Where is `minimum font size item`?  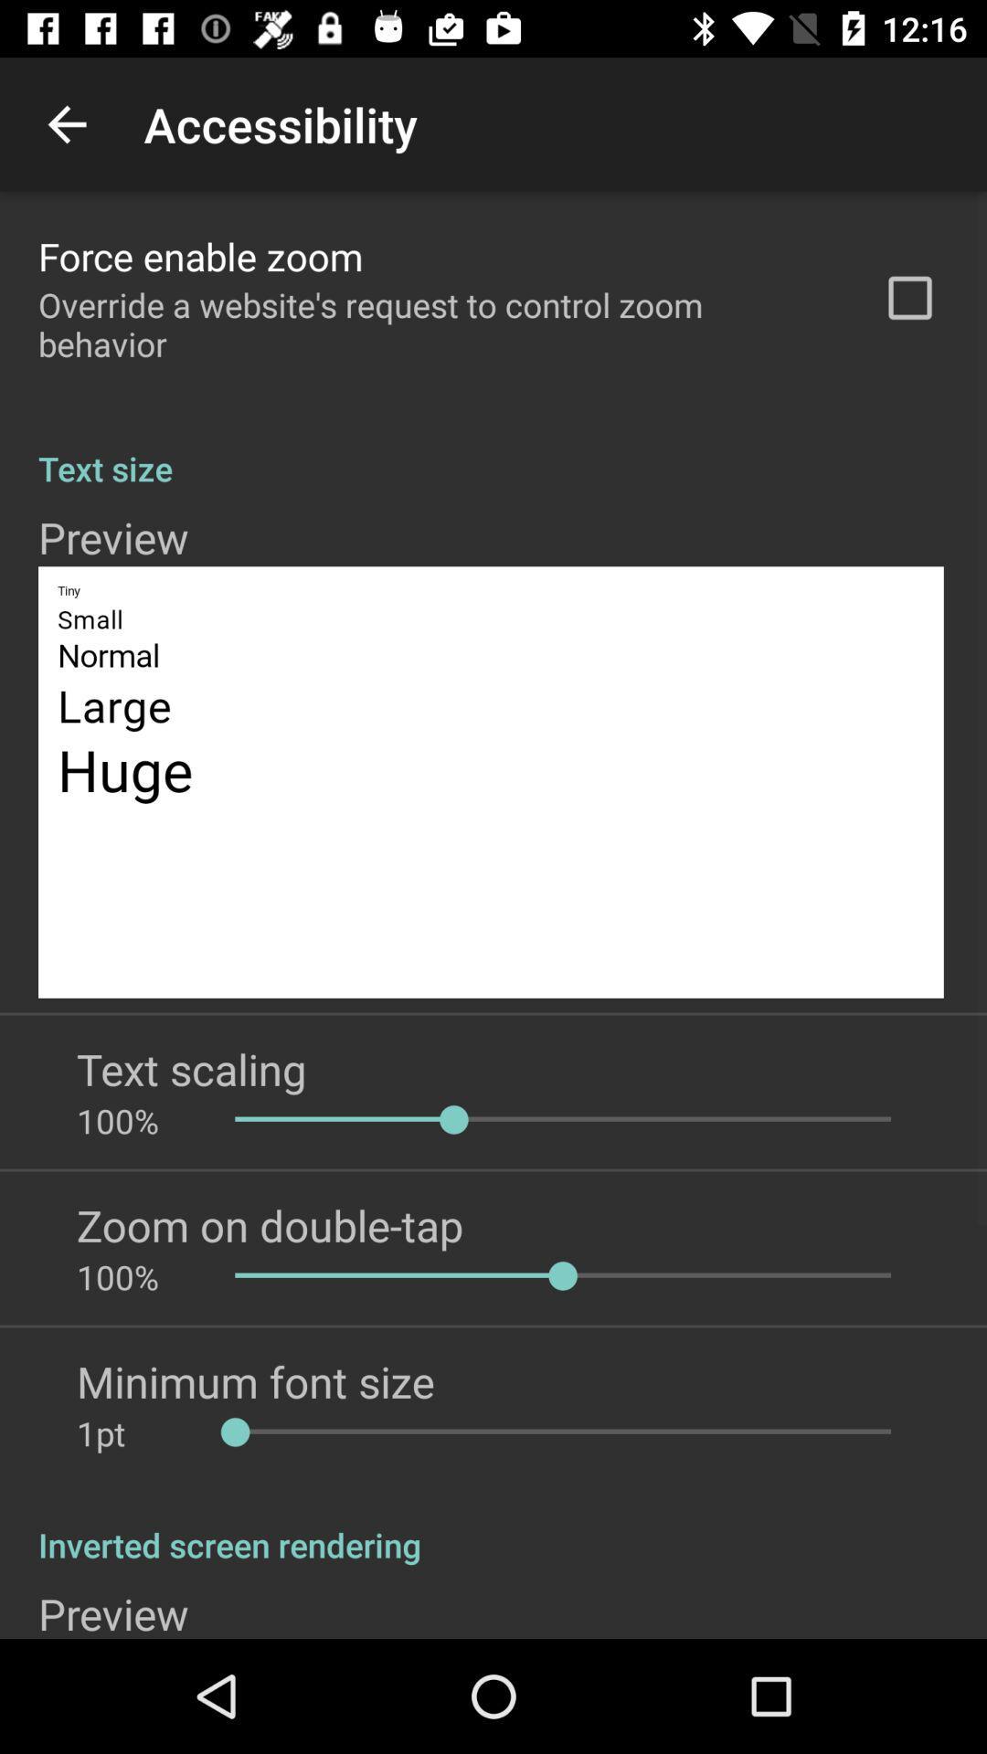
minimum font size item is located at coordinates (255, 1381).